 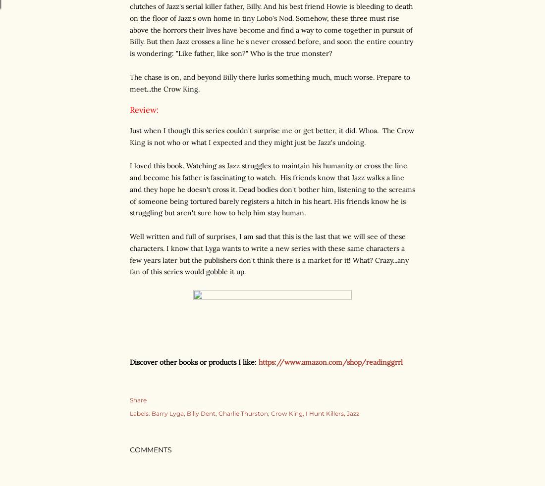 I want to click on 'Billy Dent', so click(x=201, y=413).